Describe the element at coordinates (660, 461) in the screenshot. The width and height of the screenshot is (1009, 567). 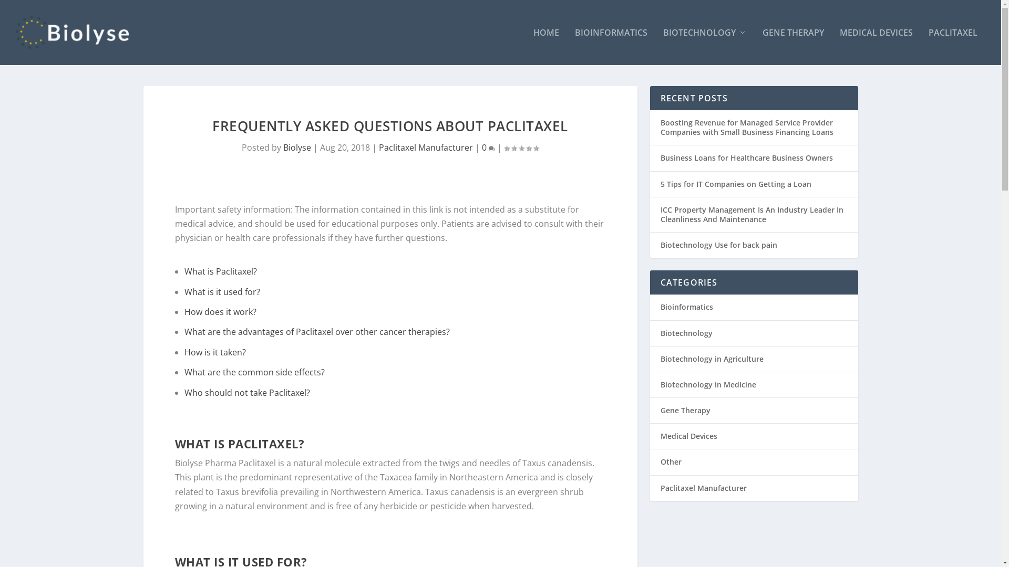
I see `'Other'` at that location.